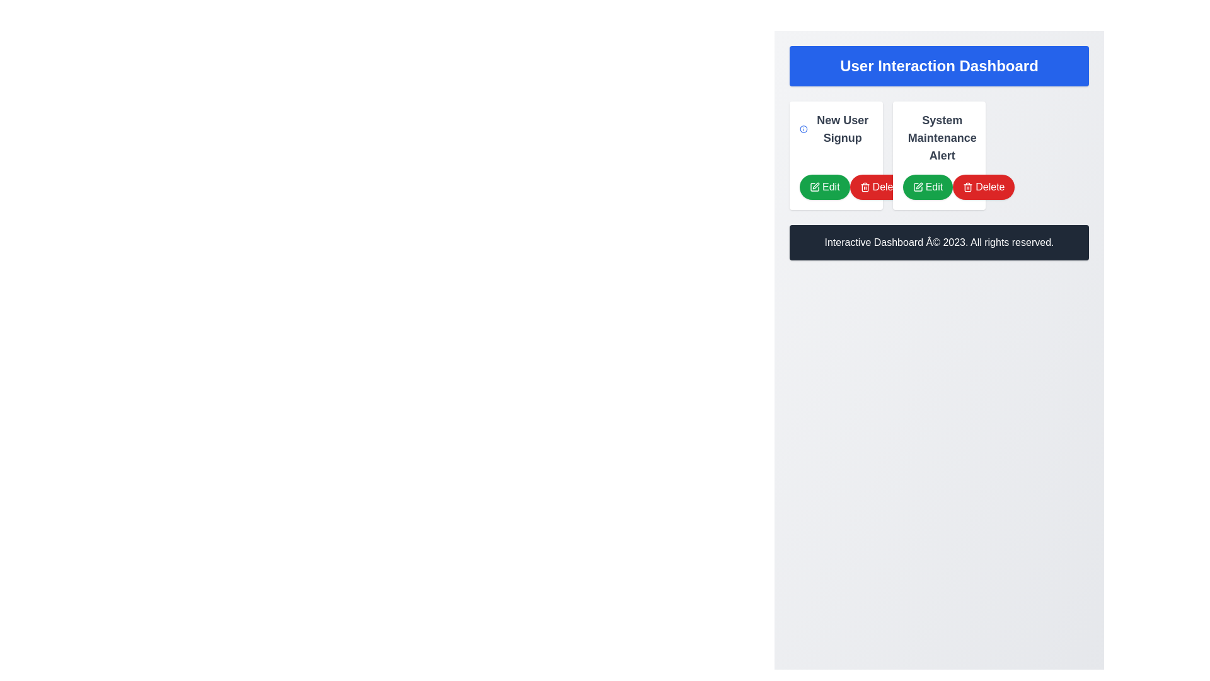 Image resolution: width=1210 pixels, height=681 pixels. What do you see at coordinates (836, 187) in the screenshot?
I see `the edit button located under the 'New User Signup' section of the 'User Interaction Dashboard' to initiate the process of editing the associated item's information or settings` at bounding box center [836, 187].